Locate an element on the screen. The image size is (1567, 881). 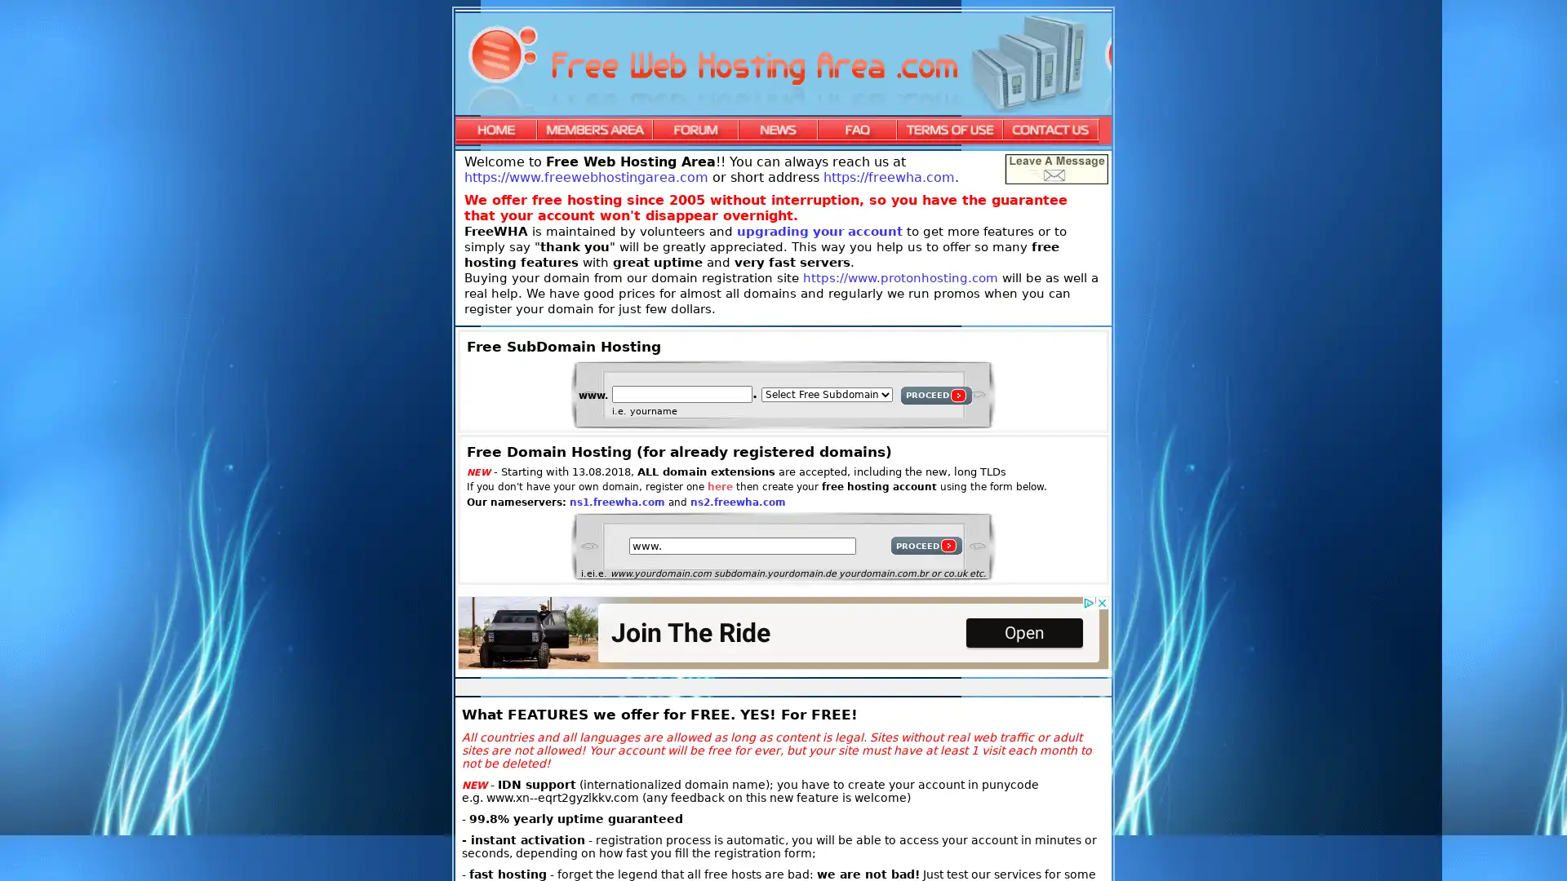
PROCEED is located at coordinates (926, 545).